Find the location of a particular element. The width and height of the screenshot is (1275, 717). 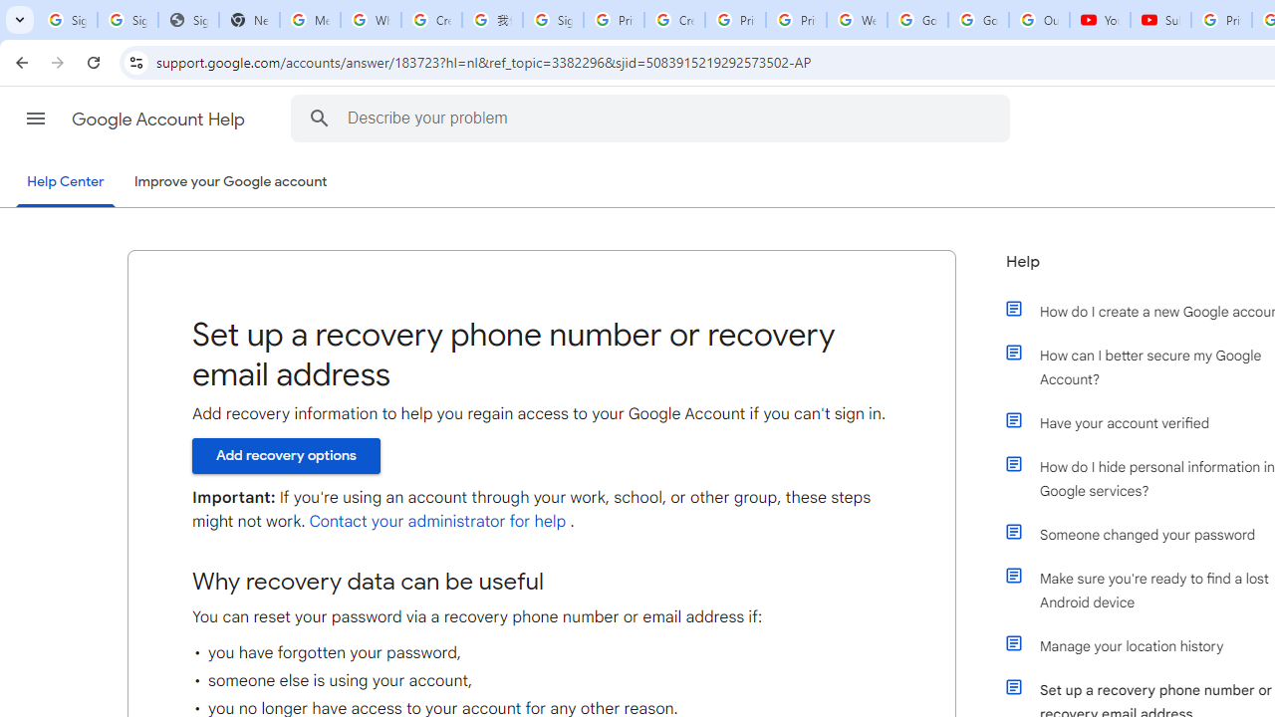

'Sign In - USA TODAY' is located at coordinates (188, 20).